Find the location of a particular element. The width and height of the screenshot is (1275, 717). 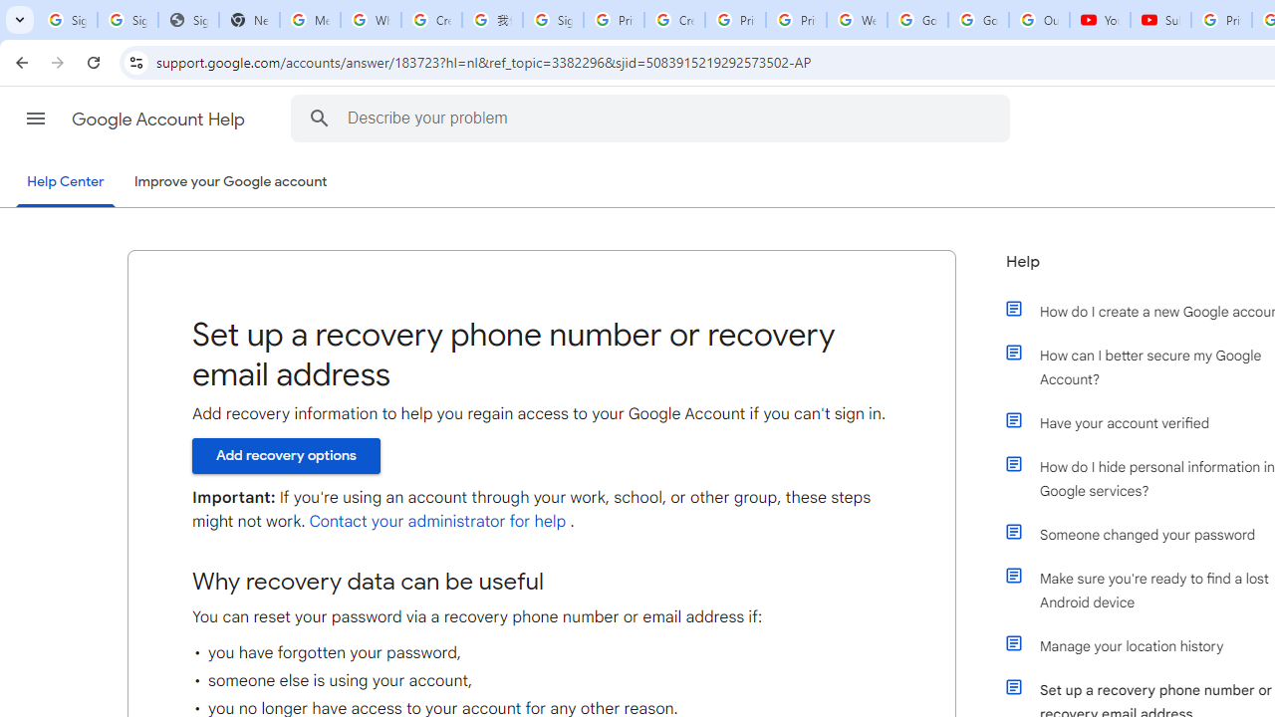

'Sign In - USA TODAY' is located at coordinates (188, 20).